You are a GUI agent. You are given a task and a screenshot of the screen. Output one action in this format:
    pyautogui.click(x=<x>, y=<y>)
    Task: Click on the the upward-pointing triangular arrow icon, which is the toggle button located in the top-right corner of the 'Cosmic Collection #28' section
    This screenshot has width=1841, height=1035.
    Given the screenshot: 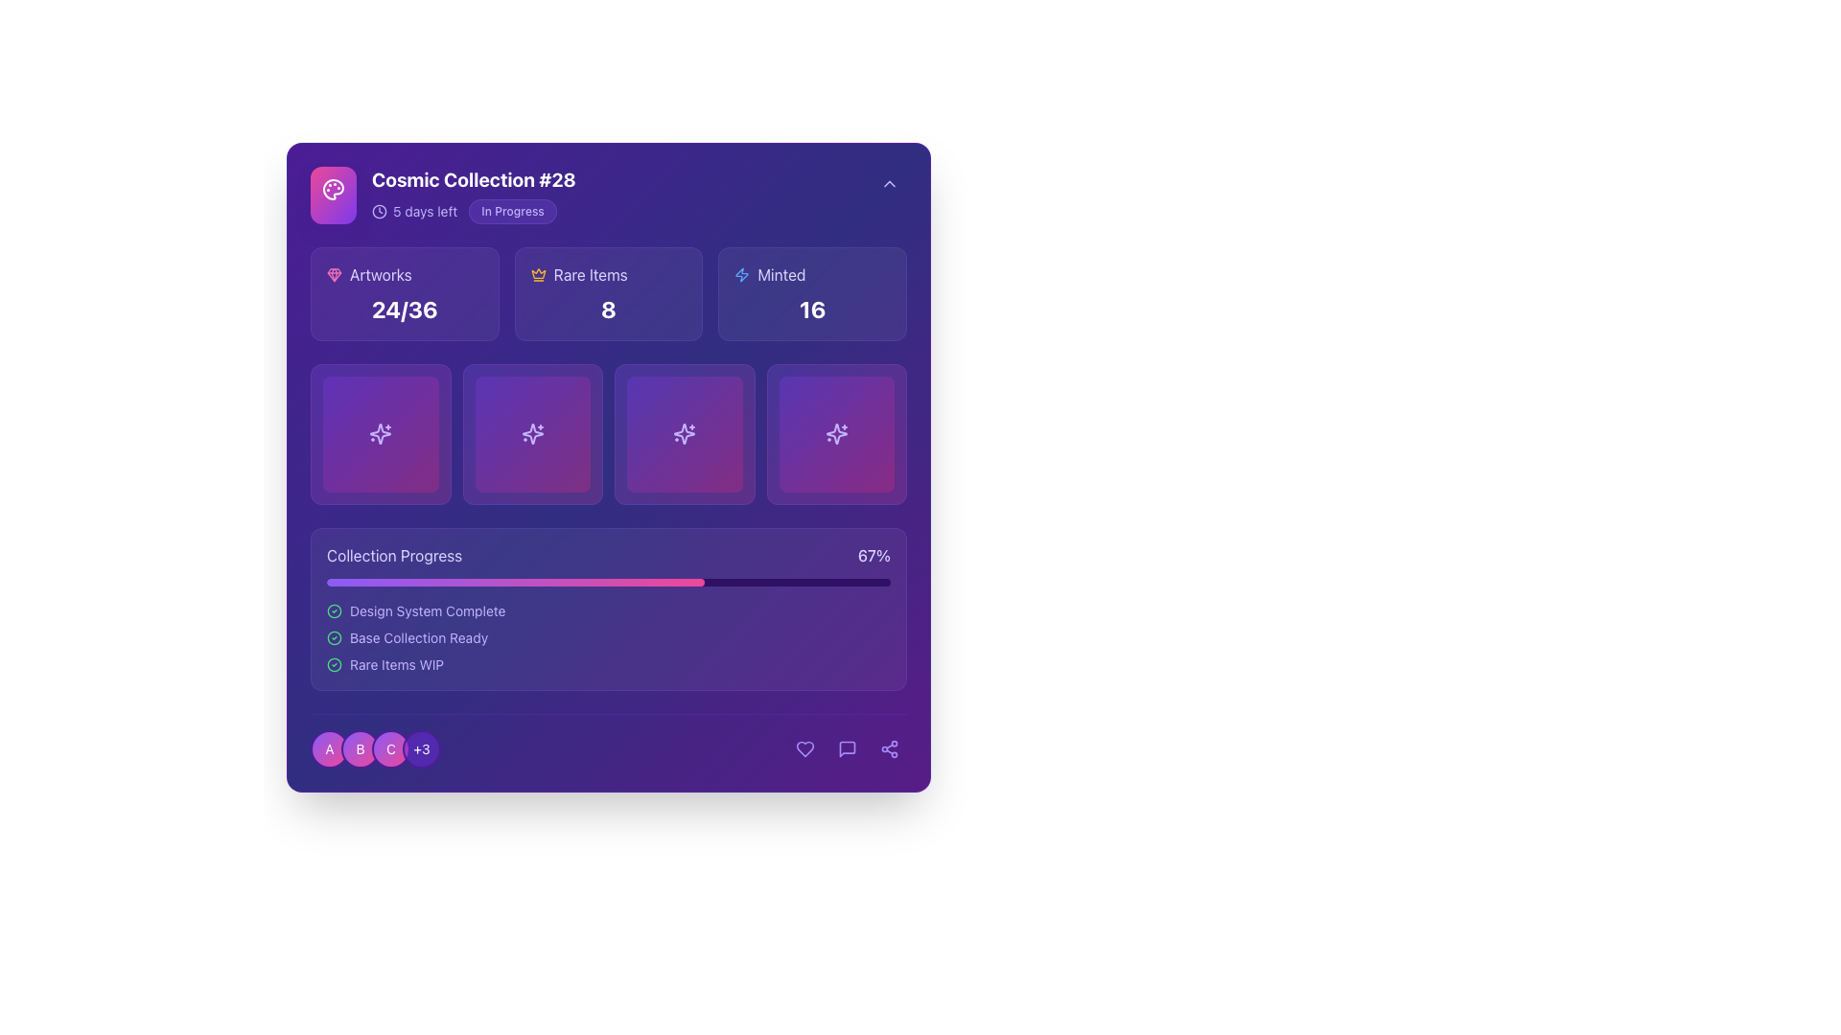 What is the action you would take?
    pyautogui.click(x=888, y=184)
    